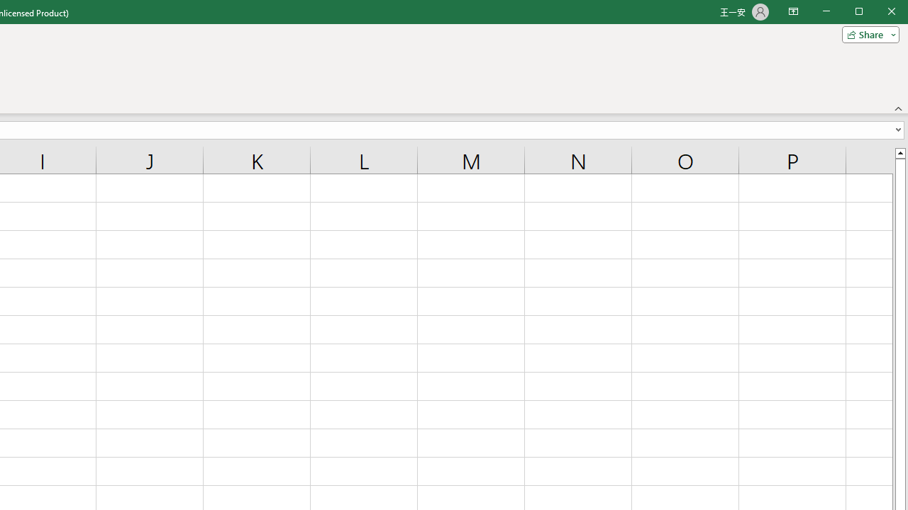 Image resolution: width=908 pixels, height=510 pixels. What do you see at coordinates (878, 13) in the screenshot?
I see `'Maximize'` at bounding box center [878, 13].